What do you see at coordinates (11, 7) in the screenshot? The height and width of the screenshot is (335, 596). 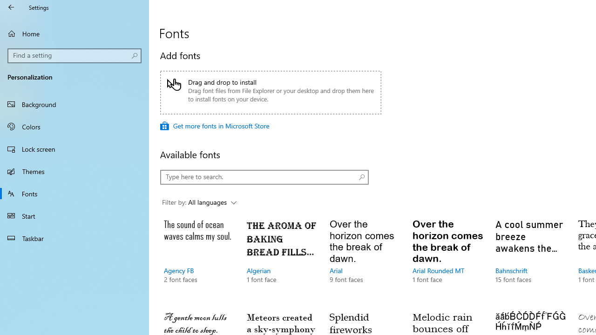 I see `'Back'` at bounding box center [11, 7].